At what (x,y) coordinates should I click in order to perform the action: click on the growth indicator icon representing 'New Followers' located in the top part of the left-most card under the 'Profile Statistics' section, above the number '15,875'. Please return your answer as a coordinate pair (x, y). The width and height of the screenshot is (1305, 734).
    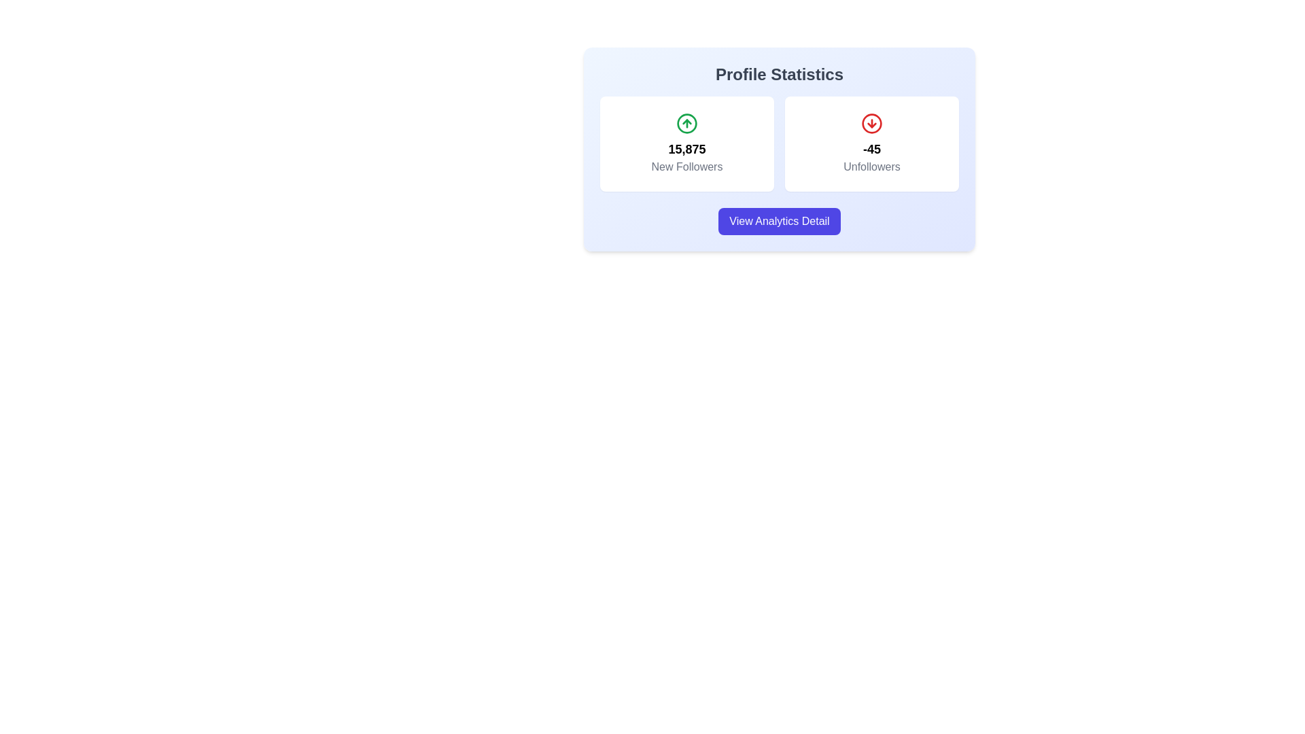
    Looking at the image, I should click on (687, 123).